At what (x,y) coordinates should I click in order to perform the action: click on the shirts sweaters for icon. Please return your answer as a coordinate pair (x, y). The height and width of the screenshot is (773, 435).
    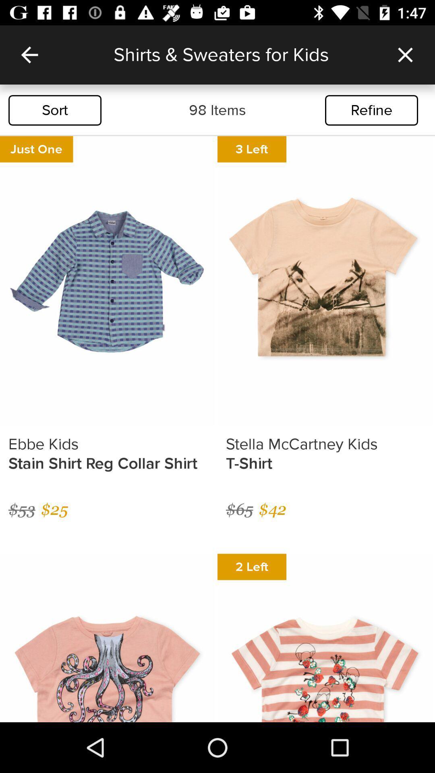
    Looking at the image, I should click on (244, 54).